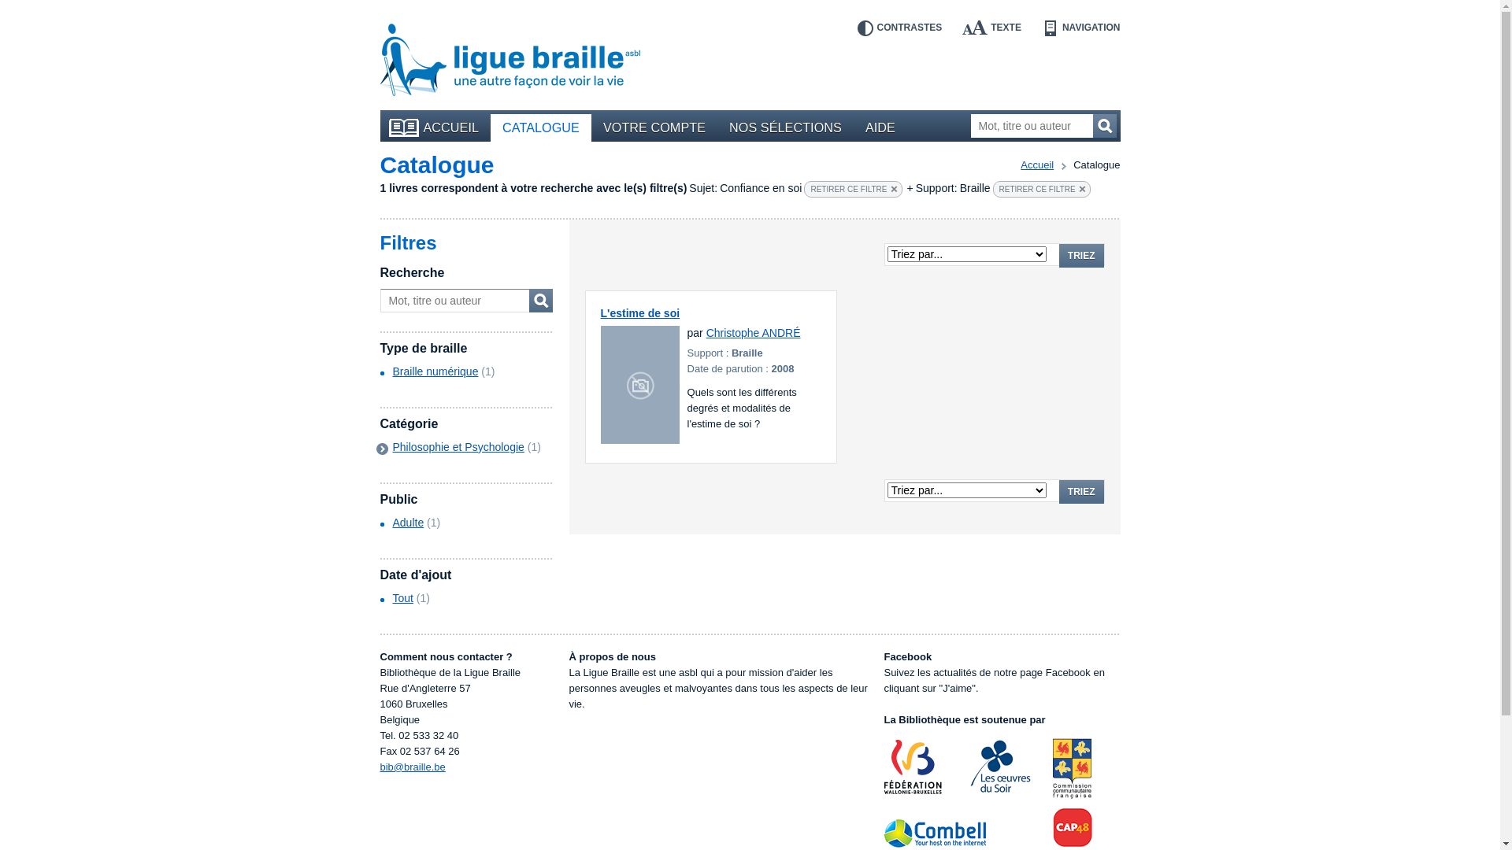  Describe the element at coordinates (991, 28) in the screenshot. I see `'TEXTE'` at that location.